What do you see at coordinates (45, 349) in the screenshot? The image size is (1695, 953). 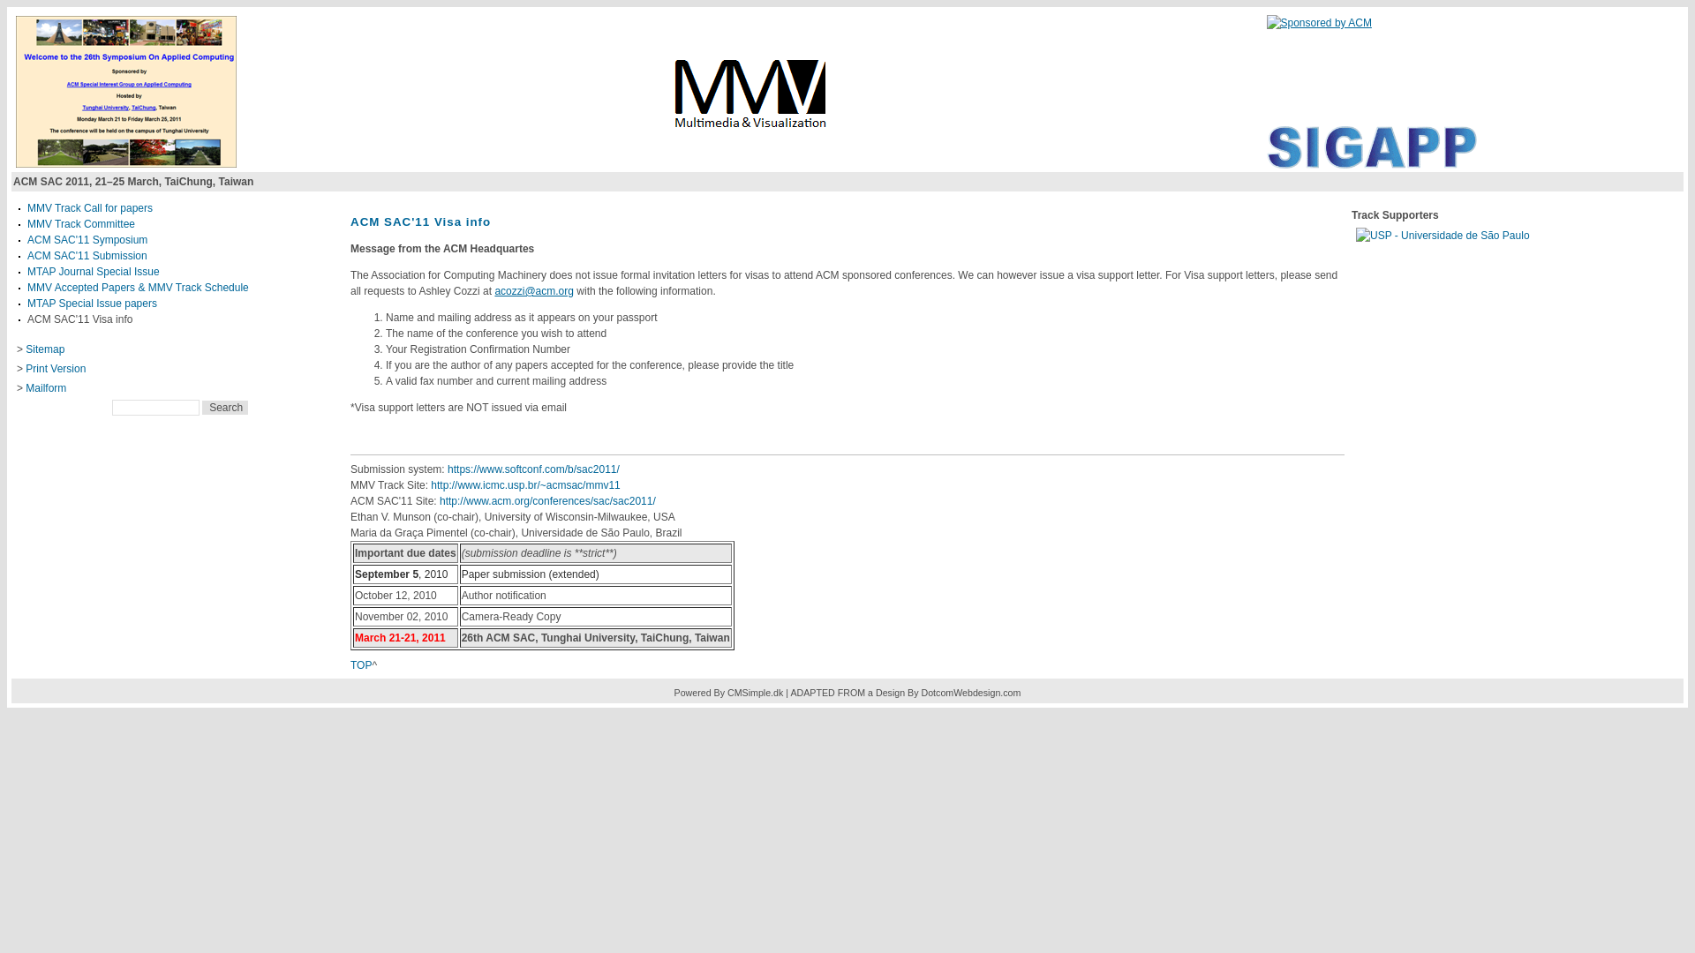 I see `'Sitemap'` at bounding box center [45, 349].